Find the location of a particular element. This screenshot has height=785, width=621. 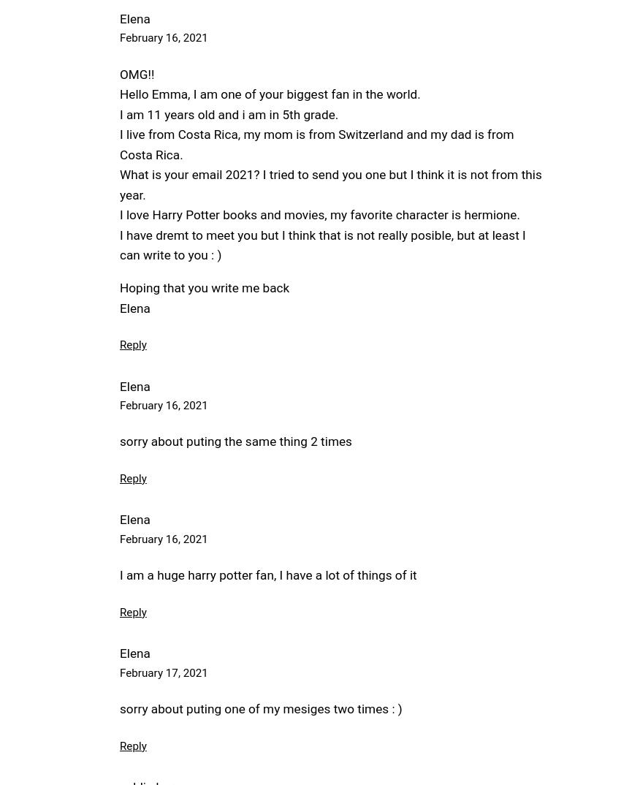

'Hello Emma, I am one of your biggest fan in the world.' is located at coordinates (269, 93).